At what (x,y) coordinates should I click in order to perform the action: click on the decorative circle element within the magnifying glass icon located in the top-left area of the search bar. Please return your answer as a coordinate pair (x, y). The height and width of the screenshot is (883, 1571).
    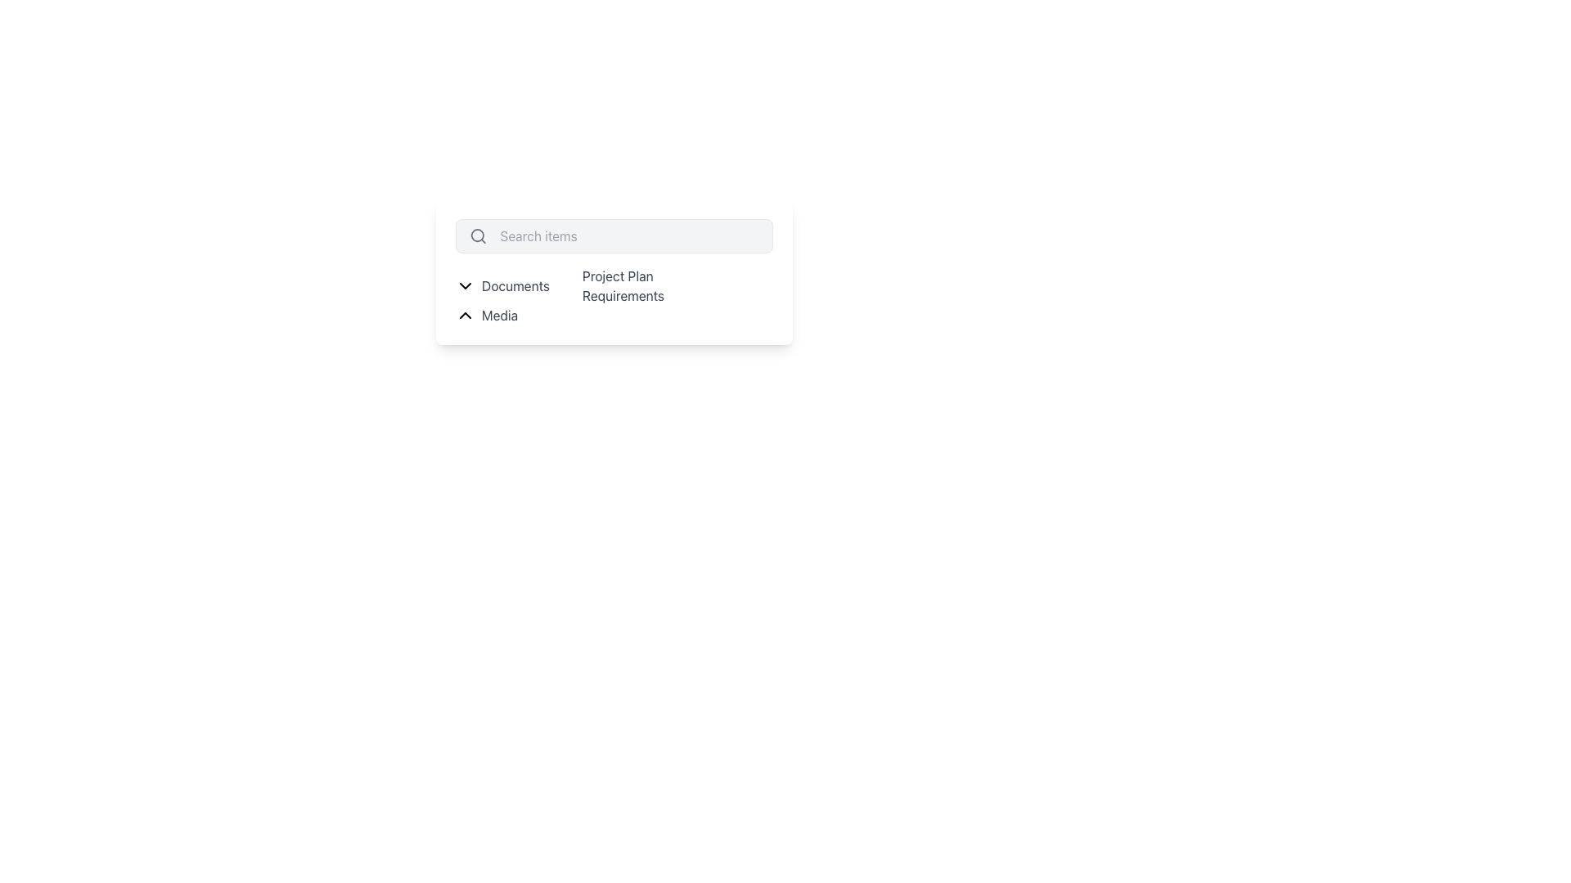
    Looking at the image, I should click on (476, 235).